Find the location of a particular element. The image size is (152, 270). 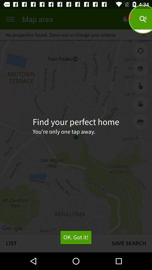

item to the left of save search item is located at coordinates (76, 237).